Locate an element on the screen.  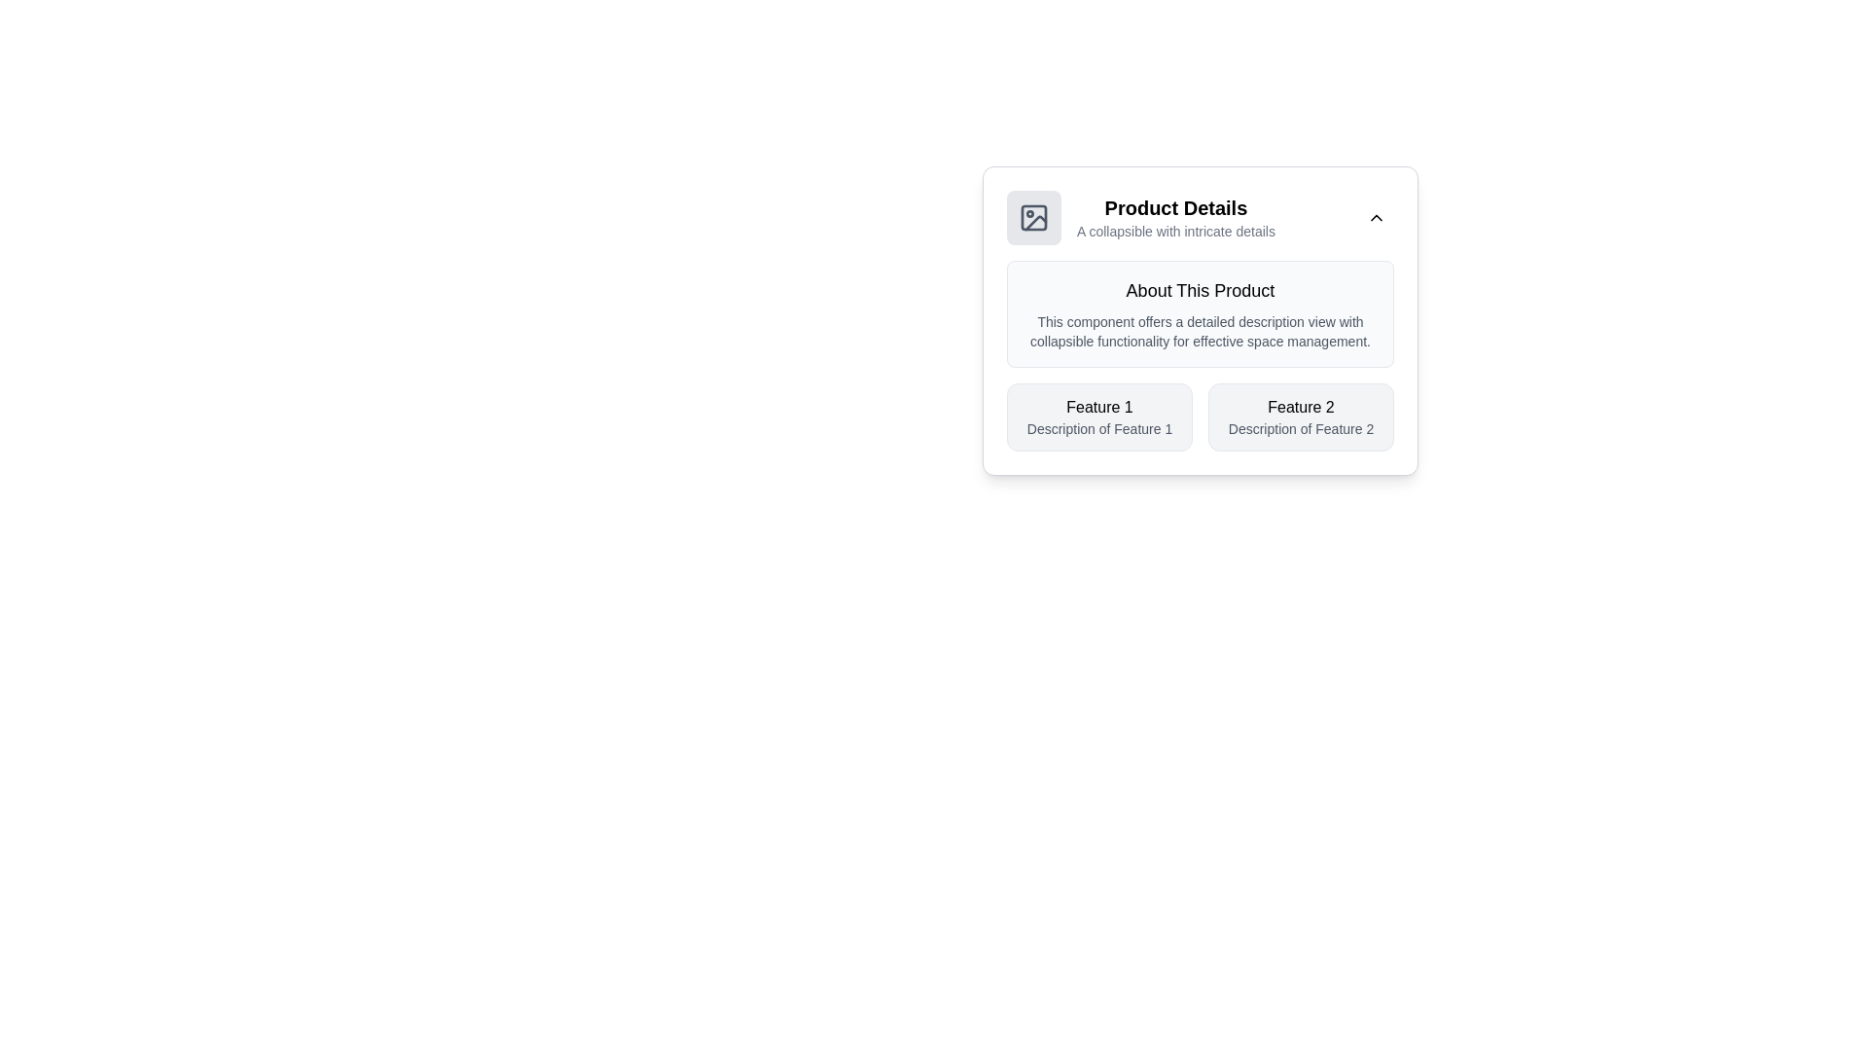
the decorative icon component located in the top-left corner of the SVG graphic adjacent to the 'Product Details' header is located at coordinates (1032, 217).